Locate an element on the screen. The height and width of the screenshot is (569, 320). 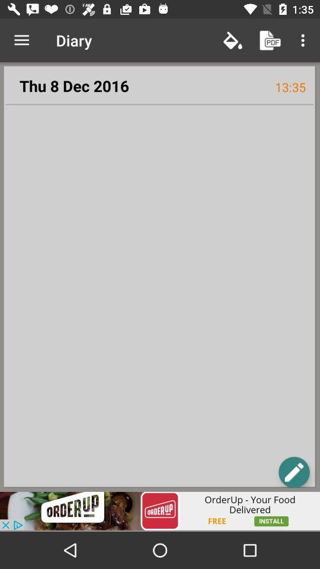
advertisement is located at coordinates (160, 510).